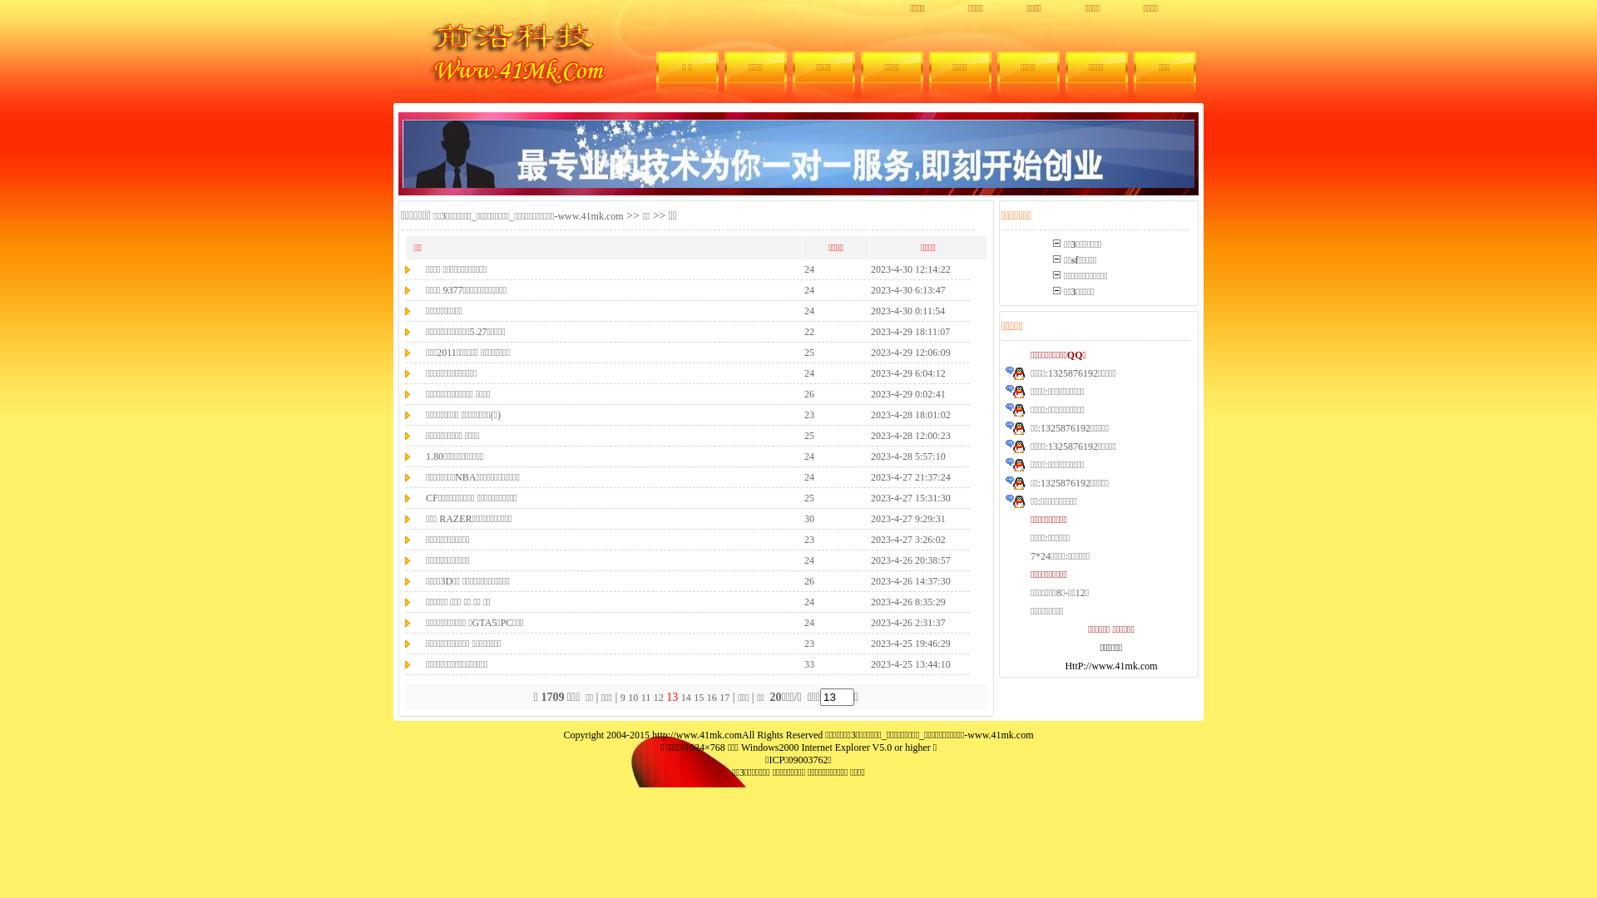 The image size is (1597, 898). What do you see at coordinates (909, 351) in the screenshot?
I see `'2023-4-29 12:06:09'` at bounding box center [909, 351].